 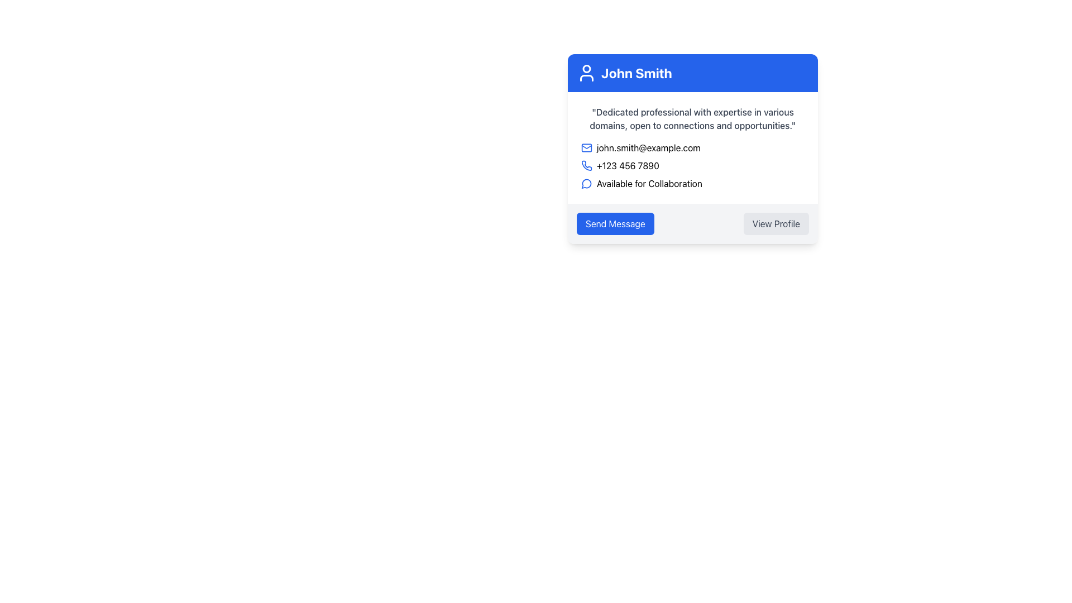 What do you see at coordinates (692, 183) in the screenshot?
I see `the text label 'Available for Collaboration' with the speech bubble icon, which is the third item in the contact details list of the profile card` at bounding box center [692, 183].